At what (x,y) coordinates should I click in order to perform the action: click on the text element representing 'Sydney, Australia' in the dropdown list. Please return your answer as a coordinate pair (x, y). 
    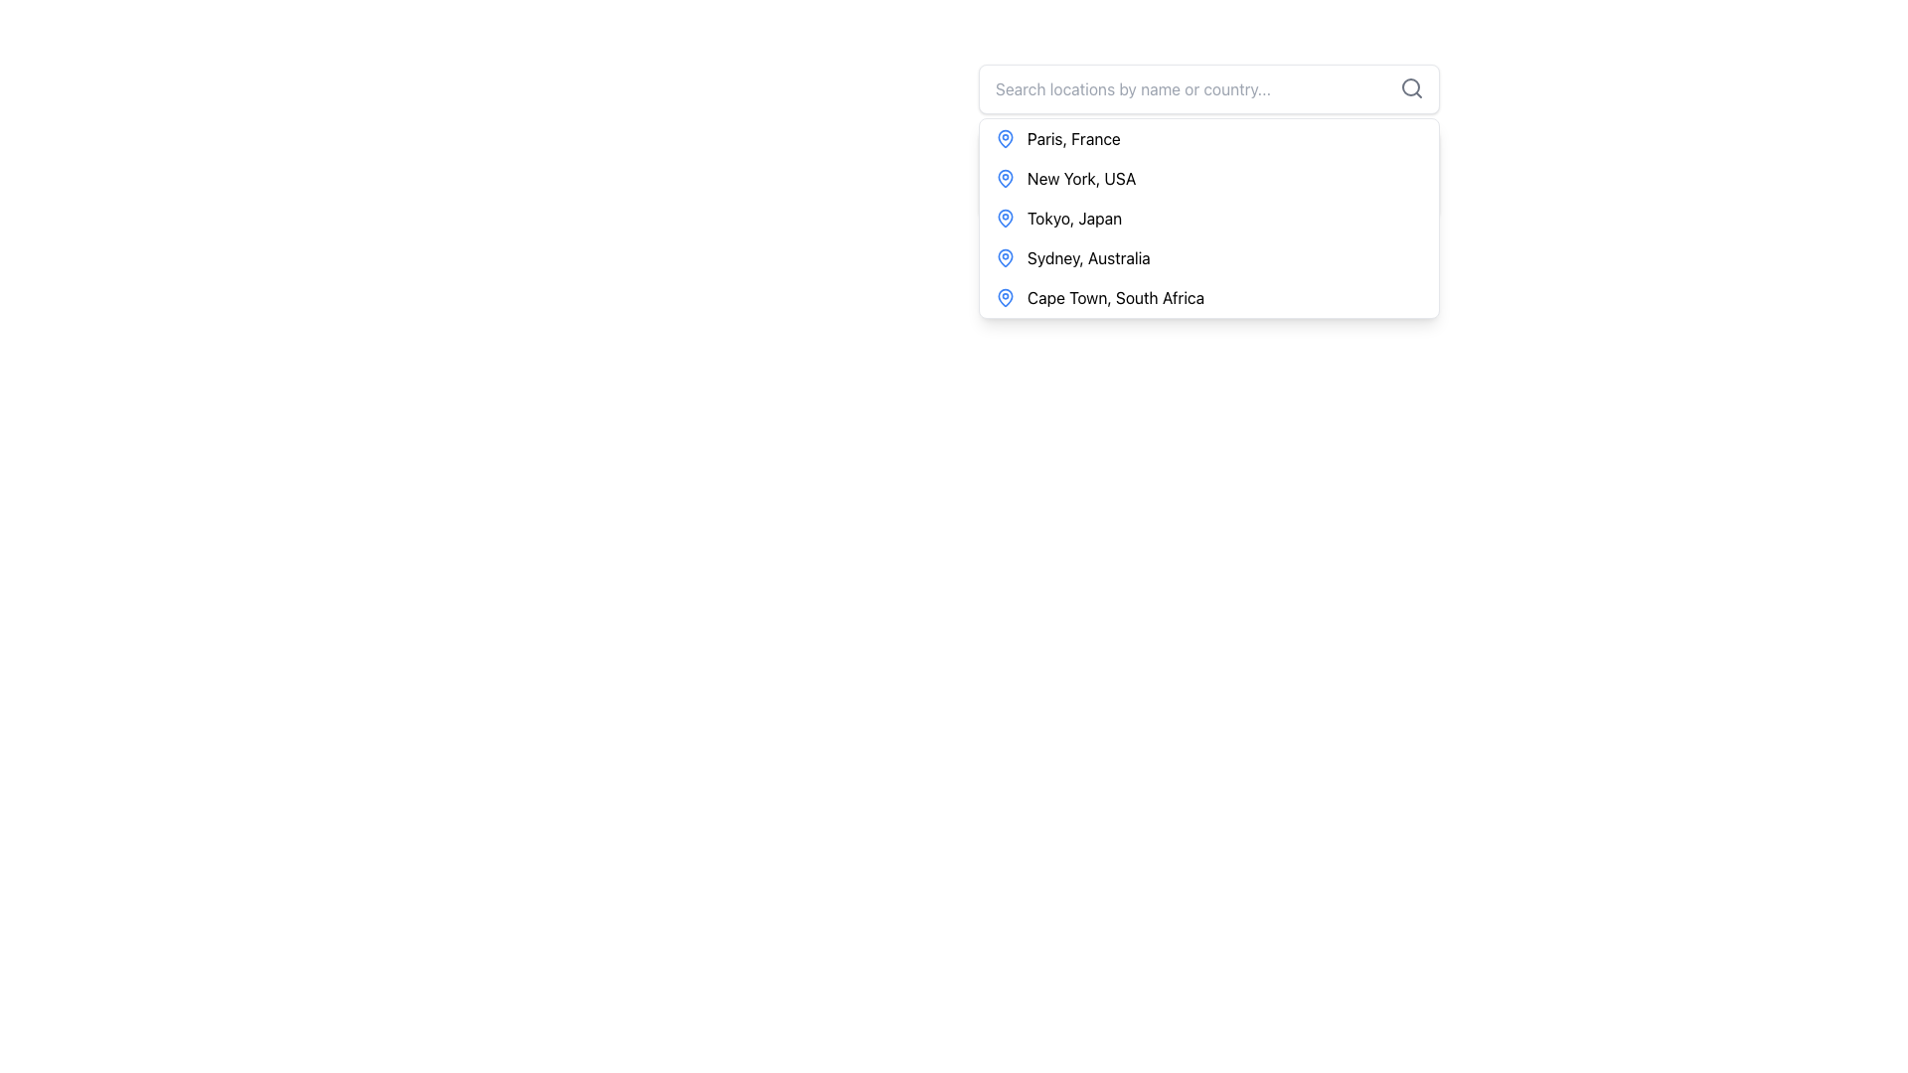
    Looking at the image, I should click on (1087, 256).